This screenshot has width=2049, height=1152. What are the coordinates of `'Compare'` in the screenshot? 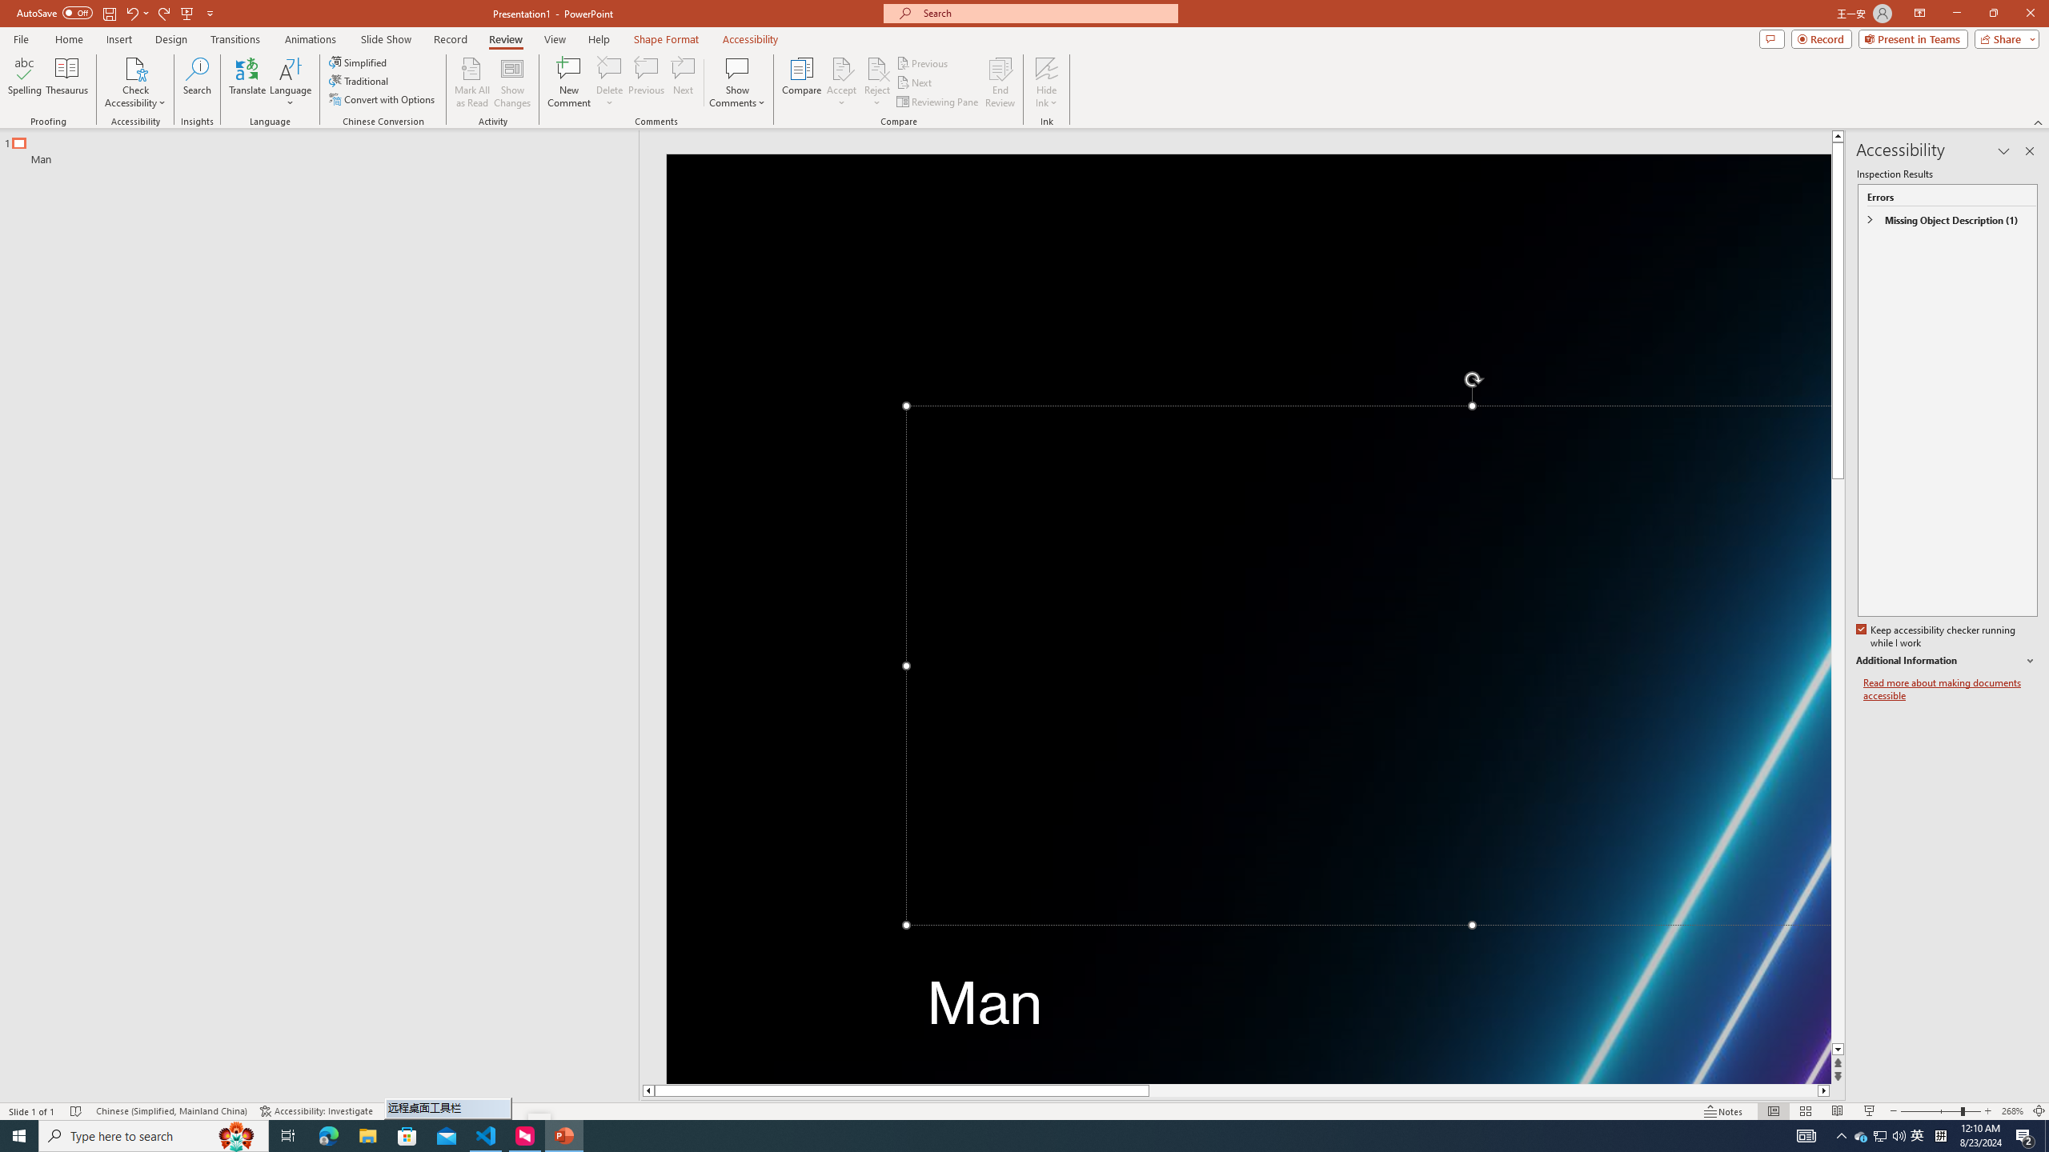 It's located at (802, 82).